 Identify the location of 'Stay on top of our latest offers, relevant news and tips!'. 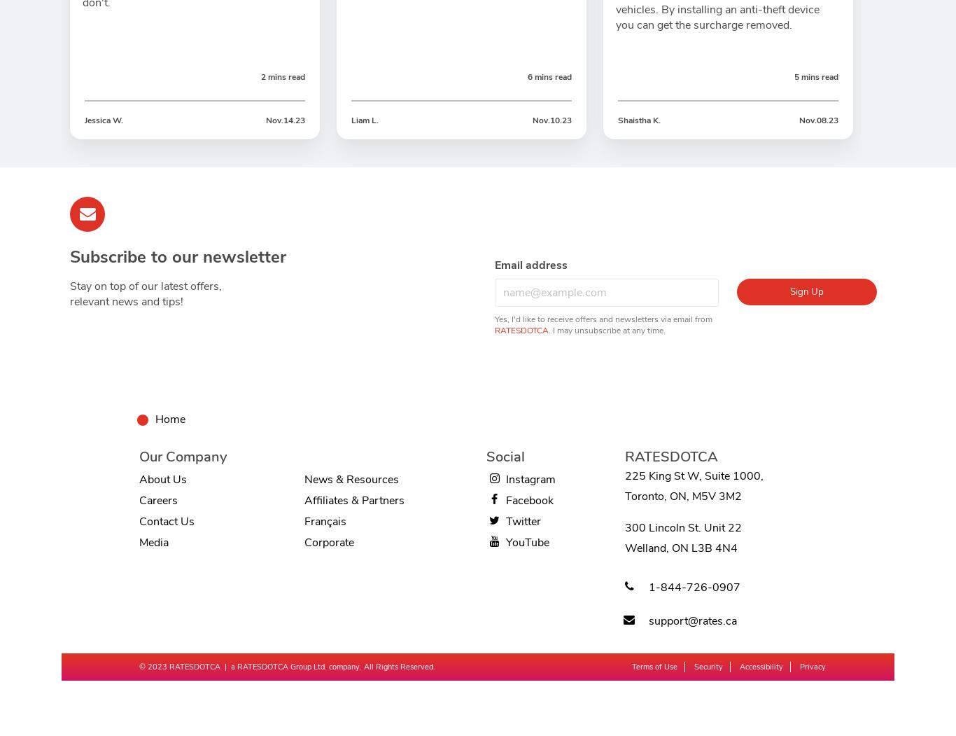
(145, 293).